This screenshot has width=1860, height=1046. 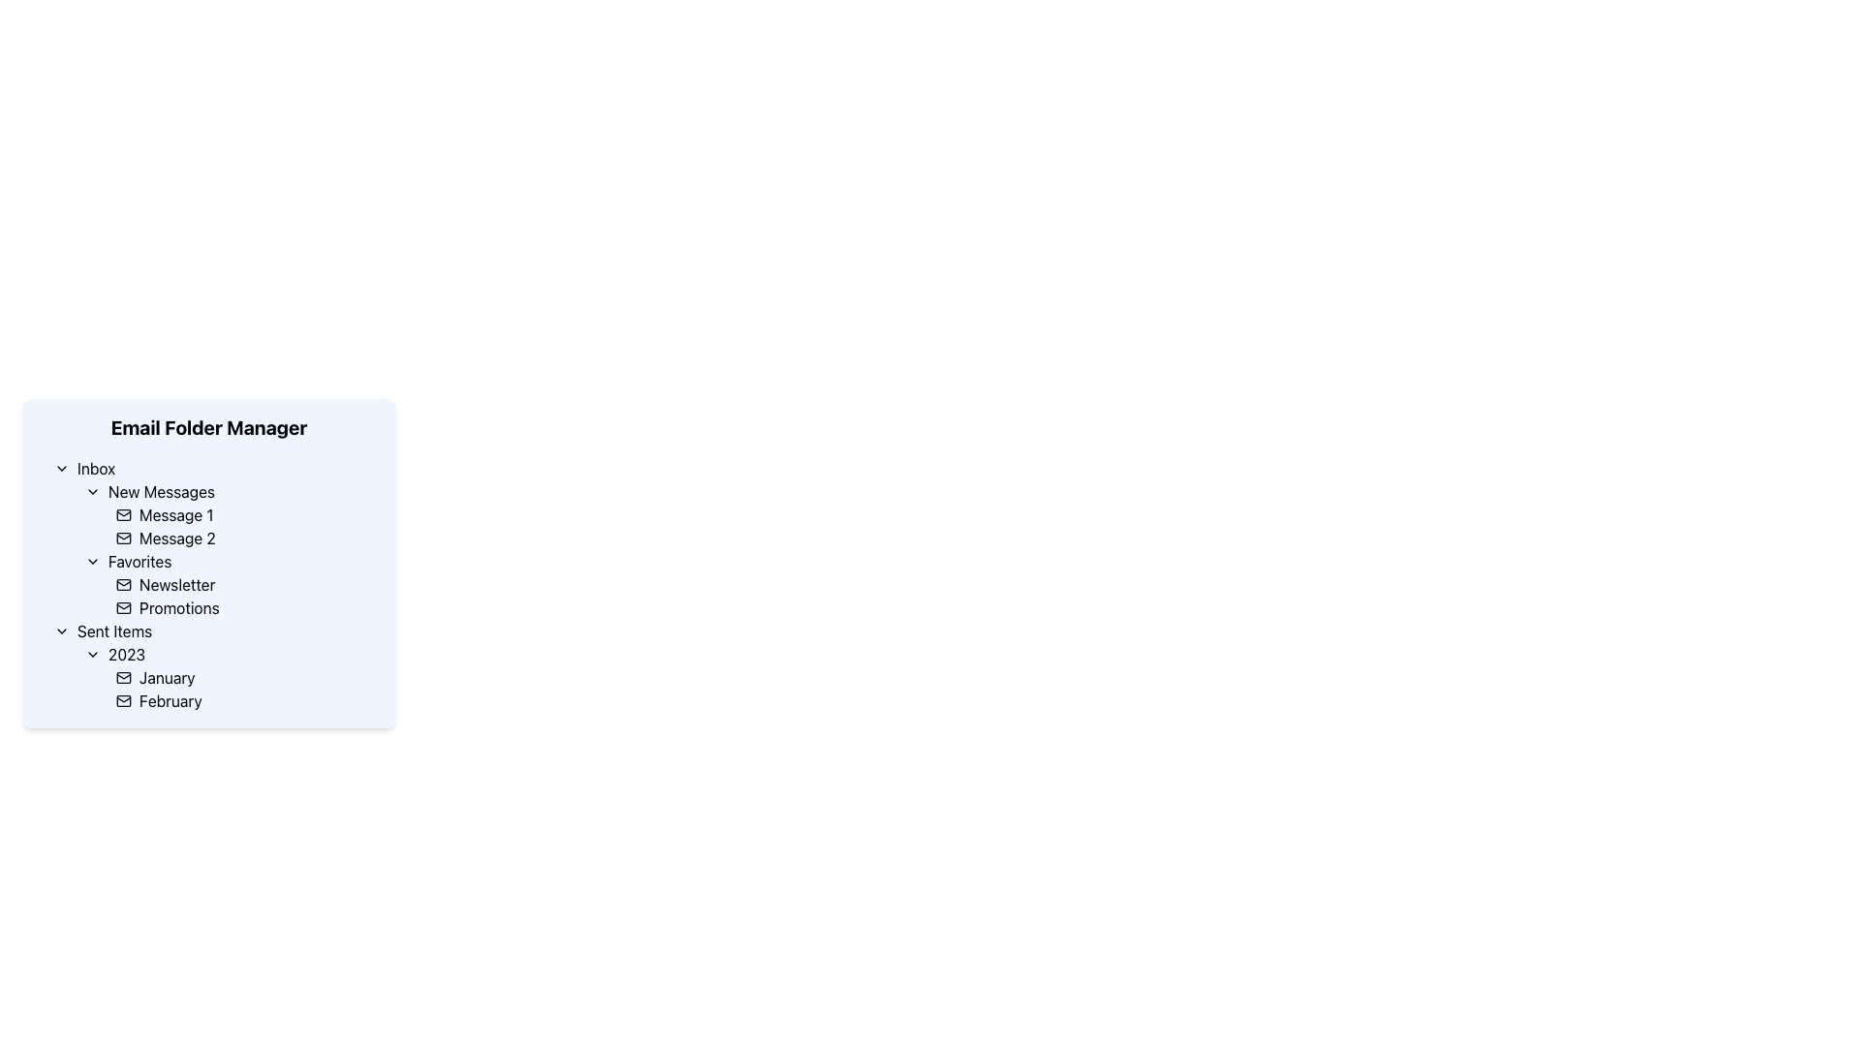 What do you see at coordinates (123, 584) in the screenshot?
I see `the 'Newsletter' folder SVG icon in the 'Favorites' section of the email manager interface` at bounding box center [123, 584].